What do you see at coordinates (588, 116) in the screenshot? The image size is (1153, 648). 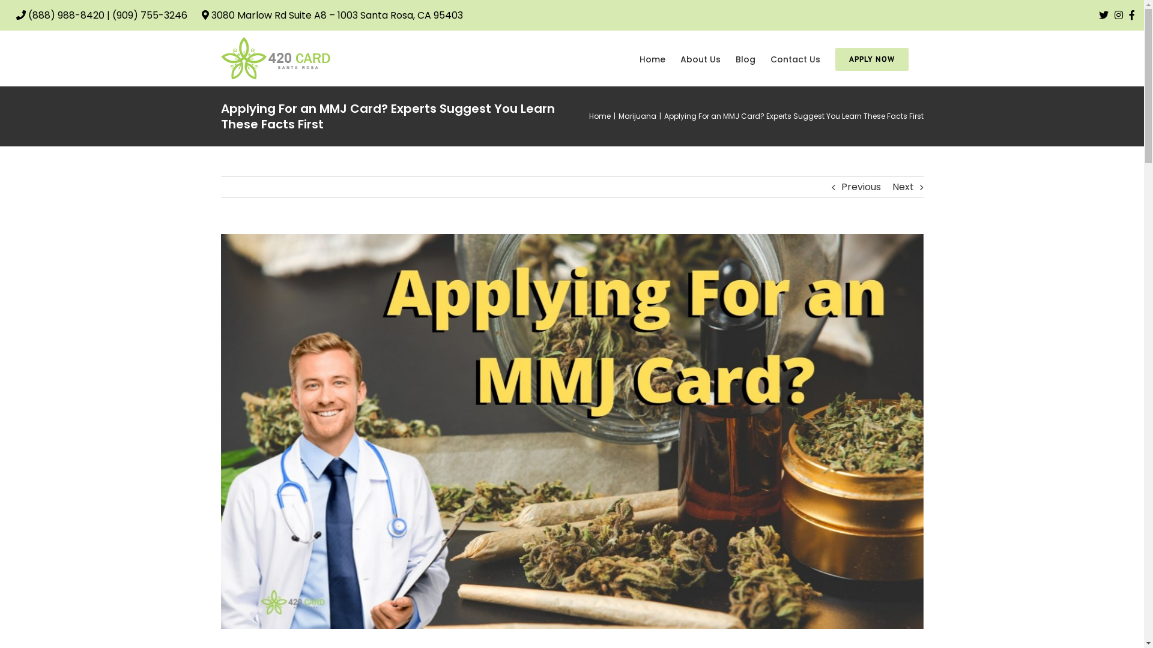 I see `'Home'` at bounding box center [588, 116].